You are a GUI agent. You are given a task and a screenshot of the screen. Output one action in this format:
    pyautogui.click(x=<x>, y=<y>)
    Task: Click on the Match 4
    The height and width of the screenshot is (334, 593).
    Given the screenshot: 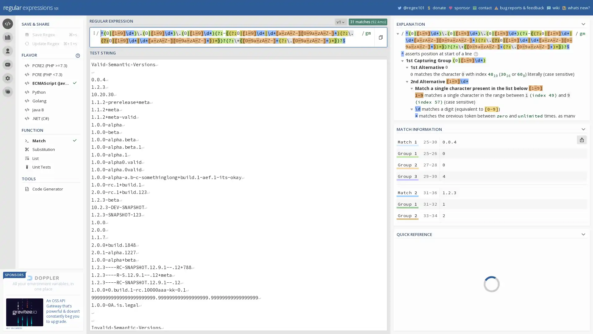 What is the action you would take?
    pyautogui.click(x=407, y=294)
    